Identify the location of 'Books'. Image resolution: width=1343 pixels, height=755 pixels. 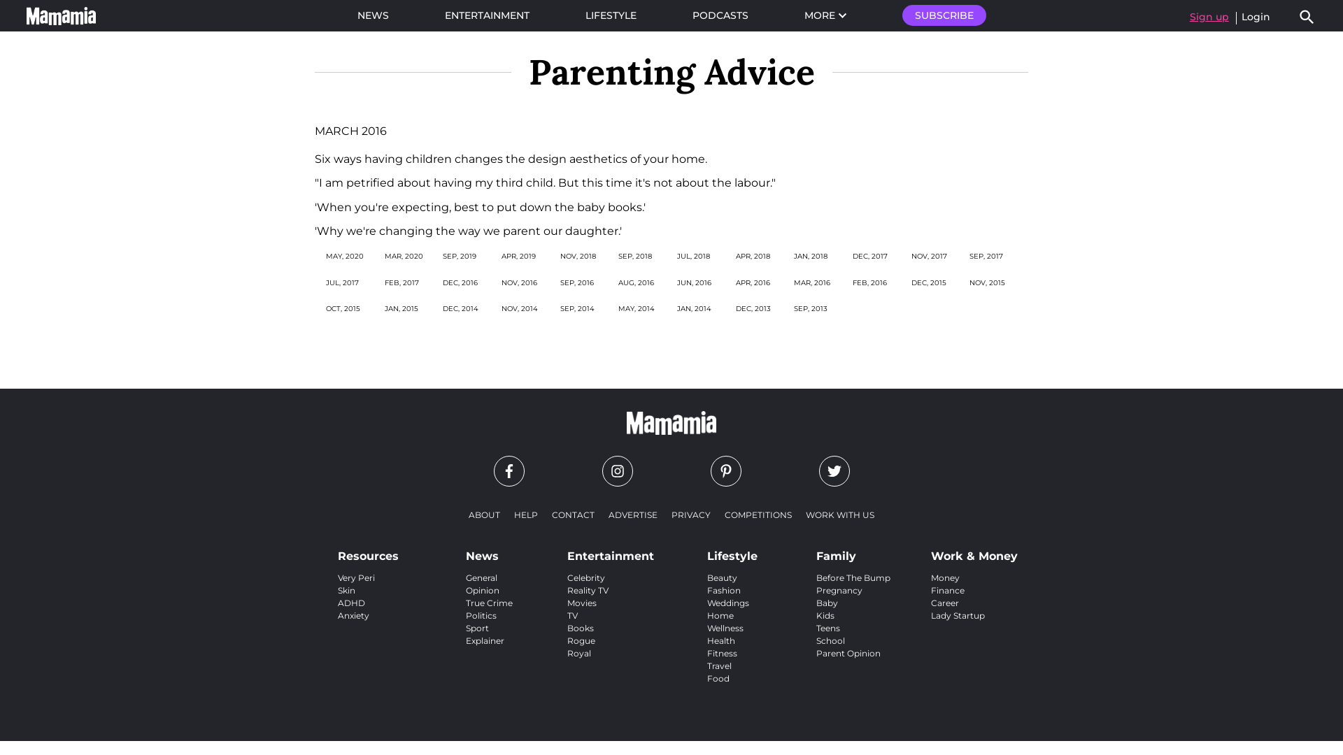
(581, 627).